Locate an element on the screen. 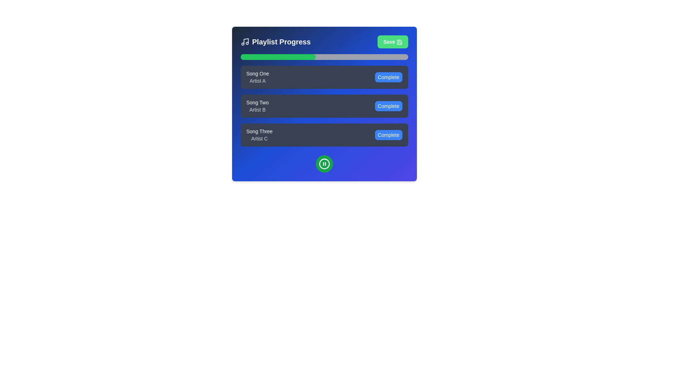  text displayed as 'Song Three' and 'Artist C' in the third entry of the 'Playlist Progress' section, which is styled with a medium font weight and gray tone respectively is located at coordinates (260, 135).